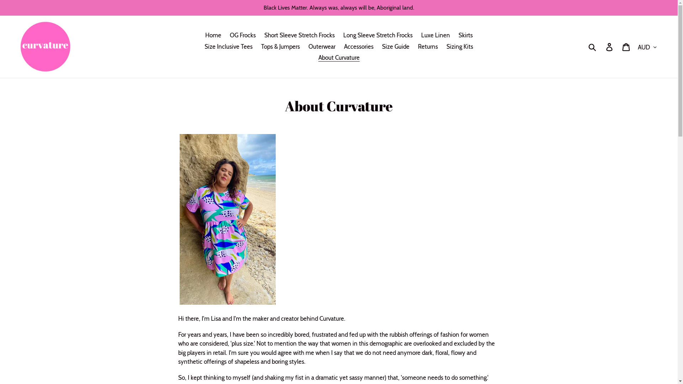 This screenshot has width=683, height=384. I want to click on 'Submit', so click(584, 47).